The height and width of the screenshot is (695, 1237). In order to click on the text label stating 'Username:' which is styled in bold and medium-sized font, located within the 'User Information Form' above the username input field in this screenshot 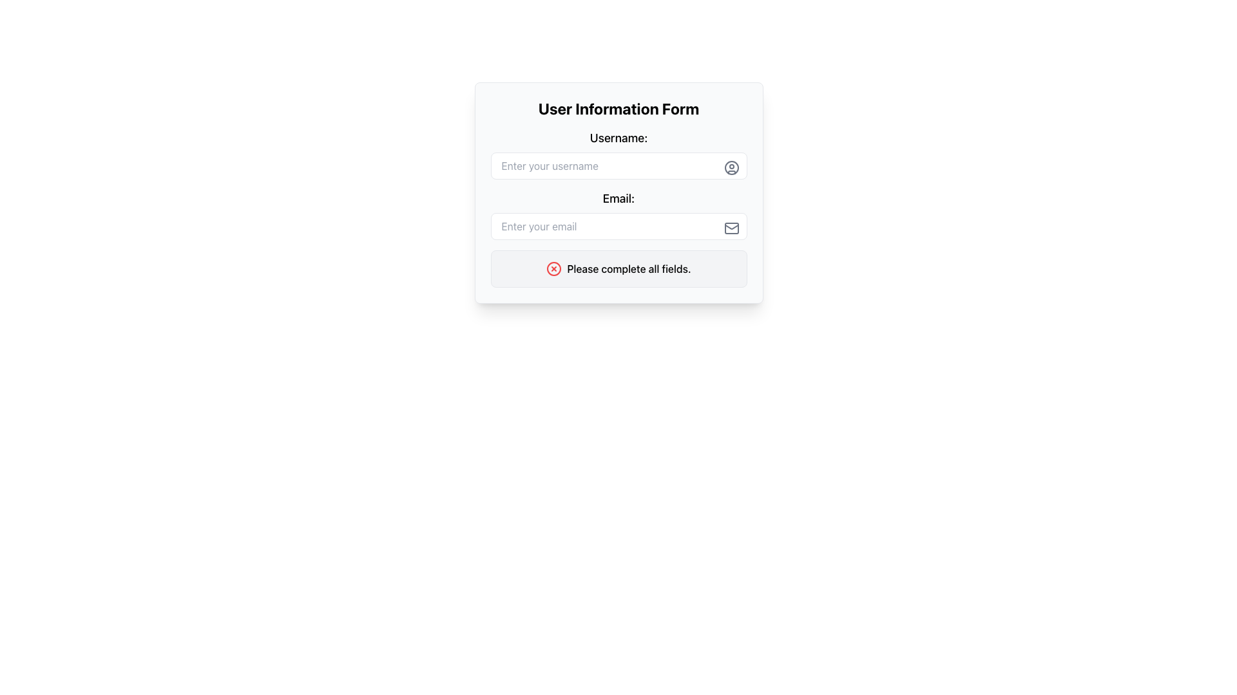, I will do `click(618, 138)`.